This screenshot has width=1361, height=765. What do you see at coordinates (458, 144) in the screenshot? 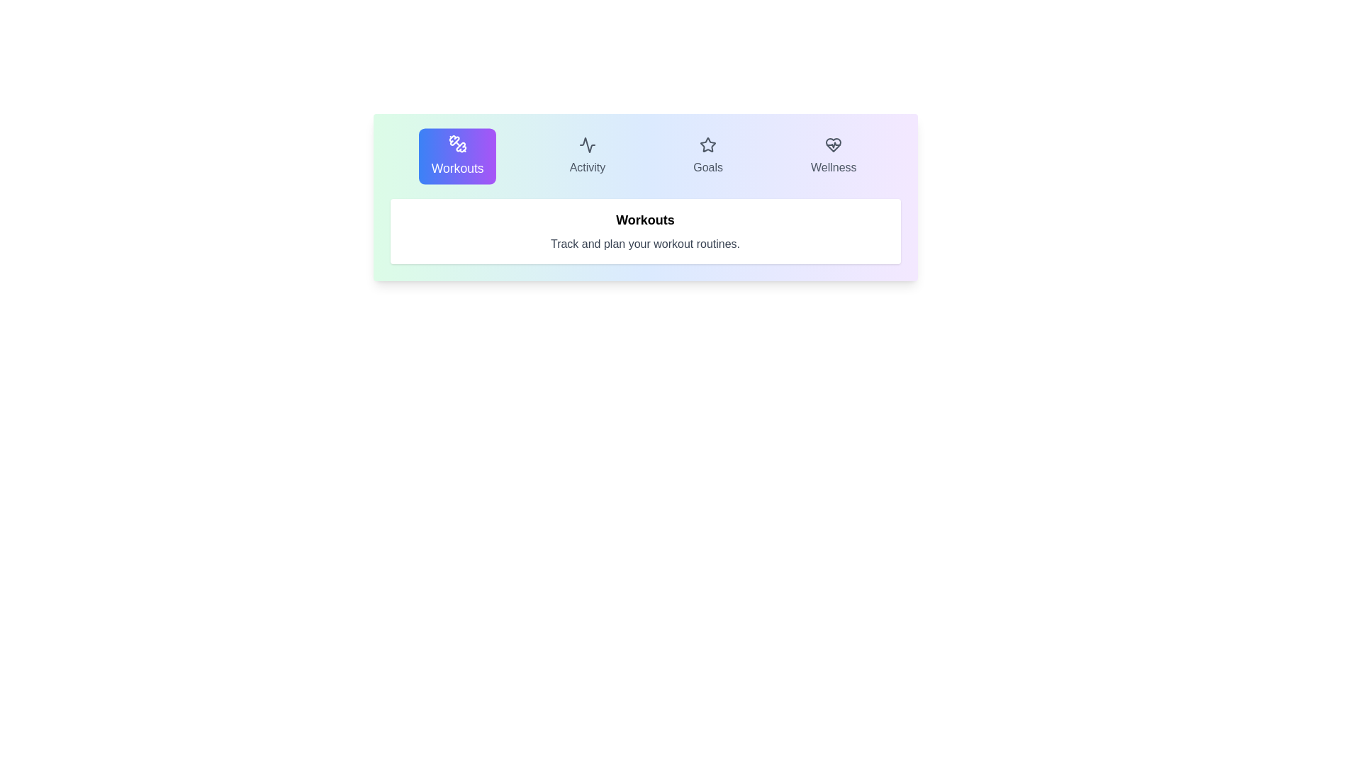
I see `the decorative icon of crossed dumbbells located in the navigational block` at bounding box center [458, 144].